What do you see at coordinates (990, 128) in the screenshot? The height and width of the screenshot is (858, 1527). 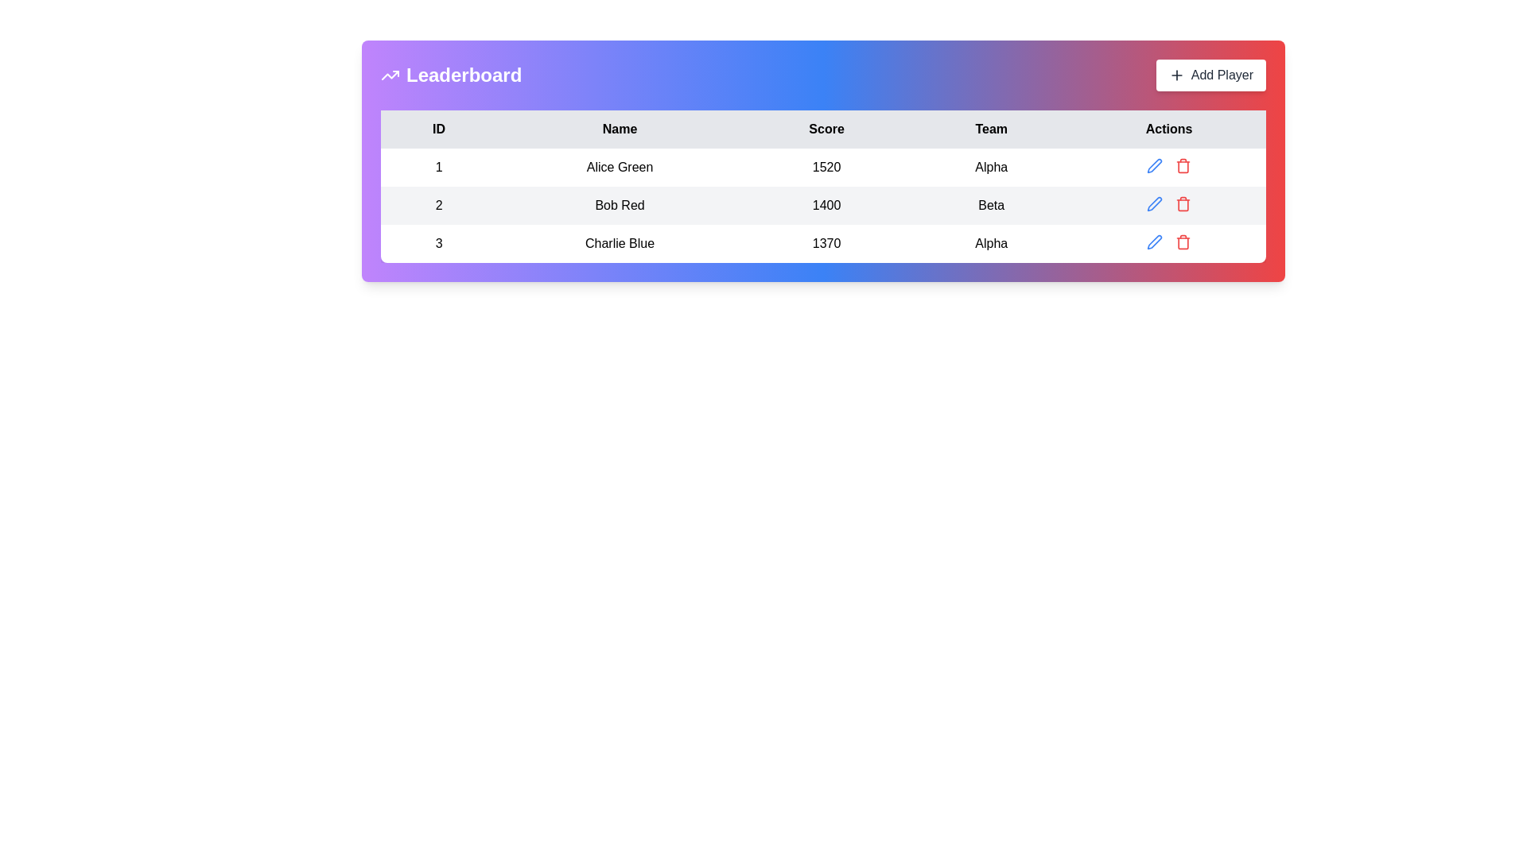 I see `the table header cell labeled 'Team', which is styled with black text on a light gray background and located in the fourth column of the leaderboard table's header row` at bounding box center [990, 128].